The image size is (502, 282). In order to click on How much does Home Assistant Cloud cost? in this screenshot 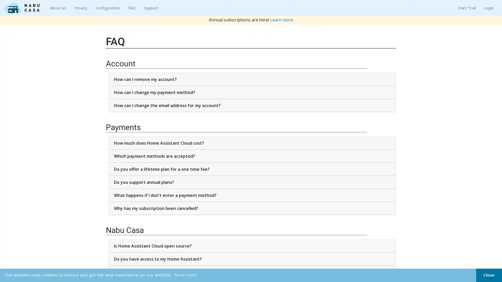, I will do `click(252, 143)`.